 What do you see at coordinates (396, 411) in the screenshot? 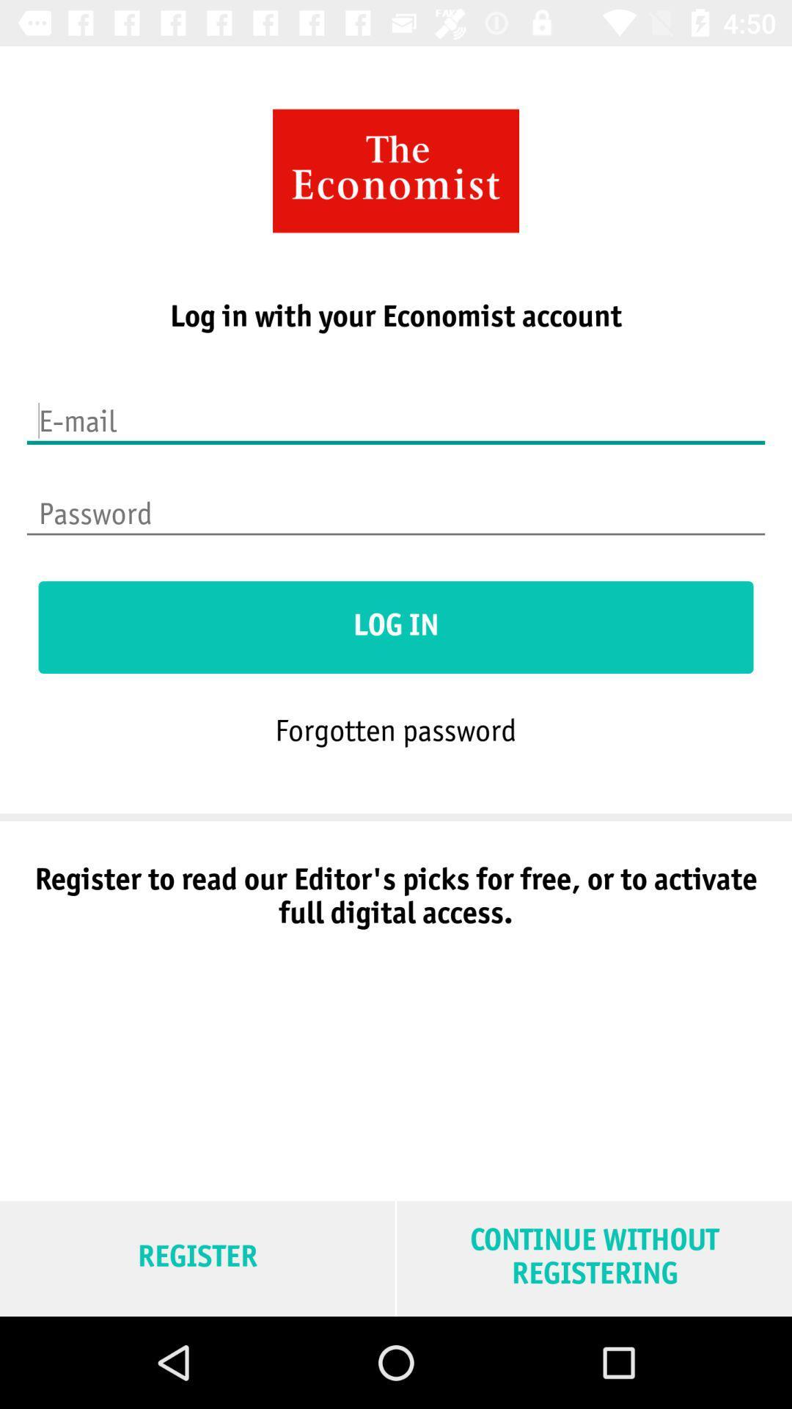
I see `email` at bounding box center [396, 411].